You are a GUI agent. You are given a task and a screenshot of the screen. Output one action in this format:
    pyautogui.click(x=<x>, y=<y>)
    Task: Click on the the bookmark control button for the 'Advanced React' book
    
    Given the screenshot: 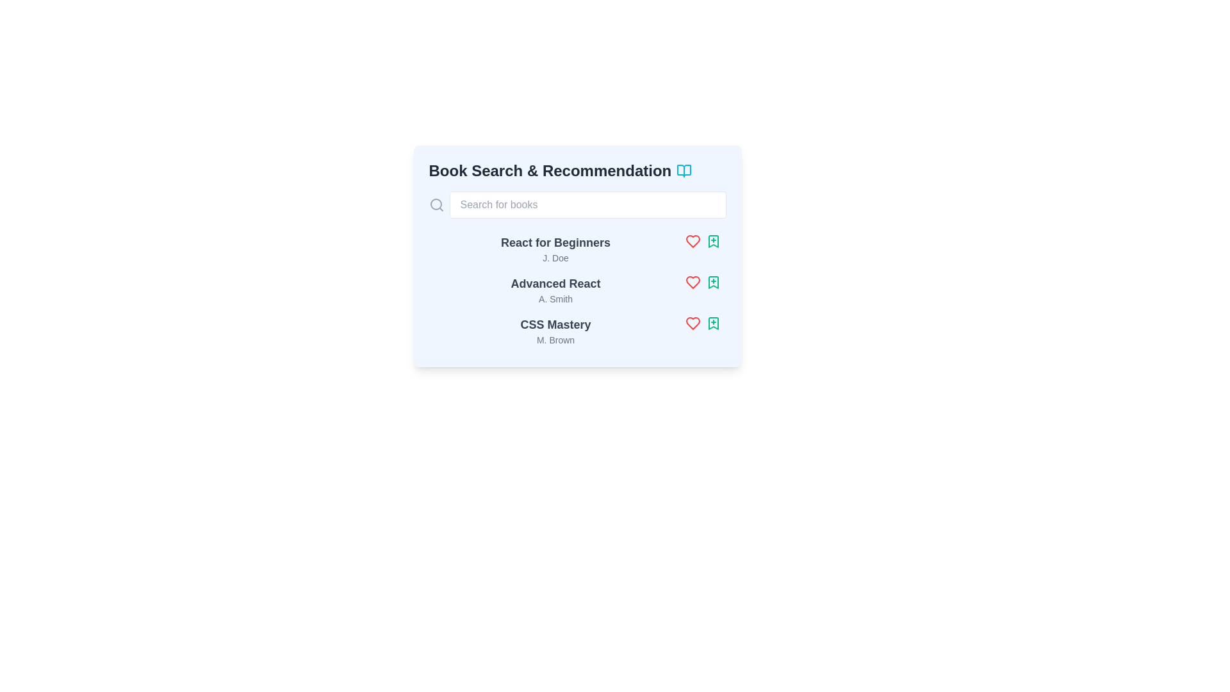 What is the action you would take?
    pyautogui.click(x=712, y=281)
    